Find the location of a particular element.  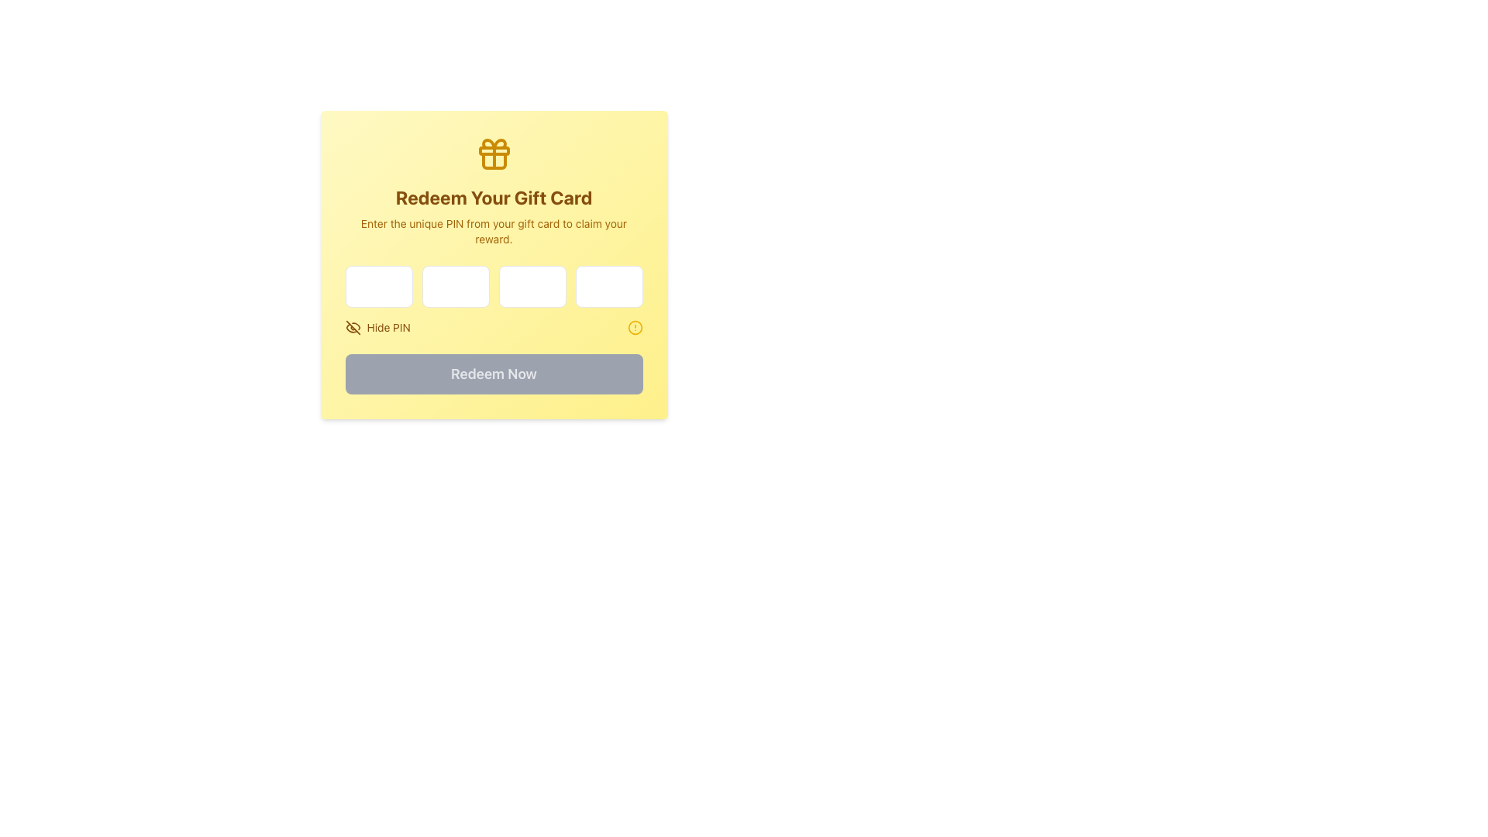

the visibility toggle icon, which resembles a stylized eye with a slash motif, located to the left of the 'Hide PIN' text label beneath the PIN input fields is located at coordinates (350, 327).